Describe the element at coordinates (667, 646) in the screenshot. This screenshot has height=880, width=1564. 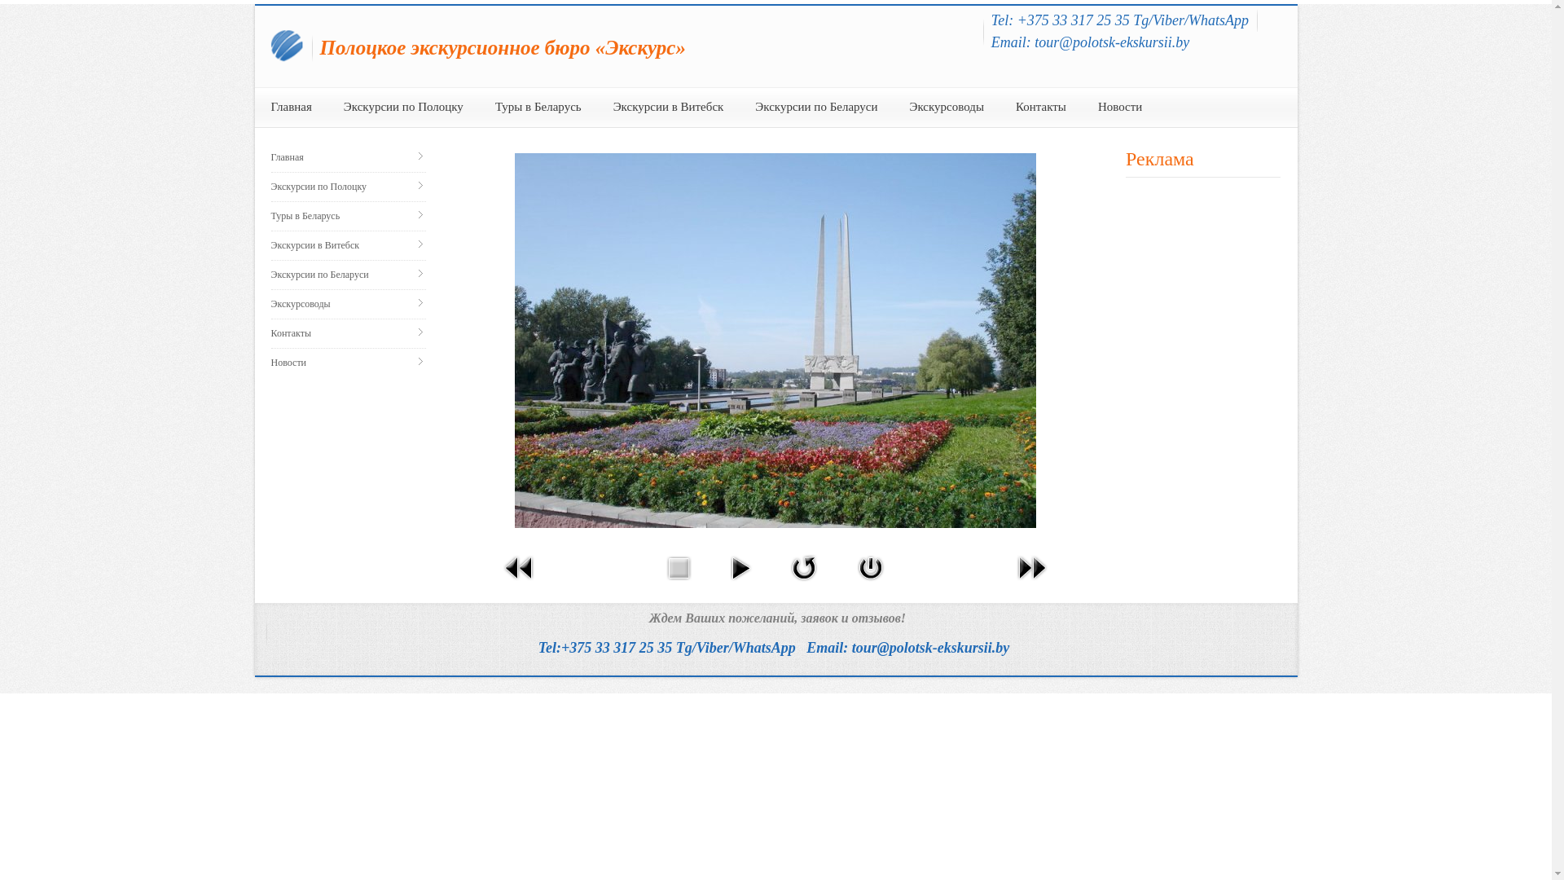
I see `'Tel:+375 33 317 25 35 Tg/Viber/WhatsApp'` at that location.